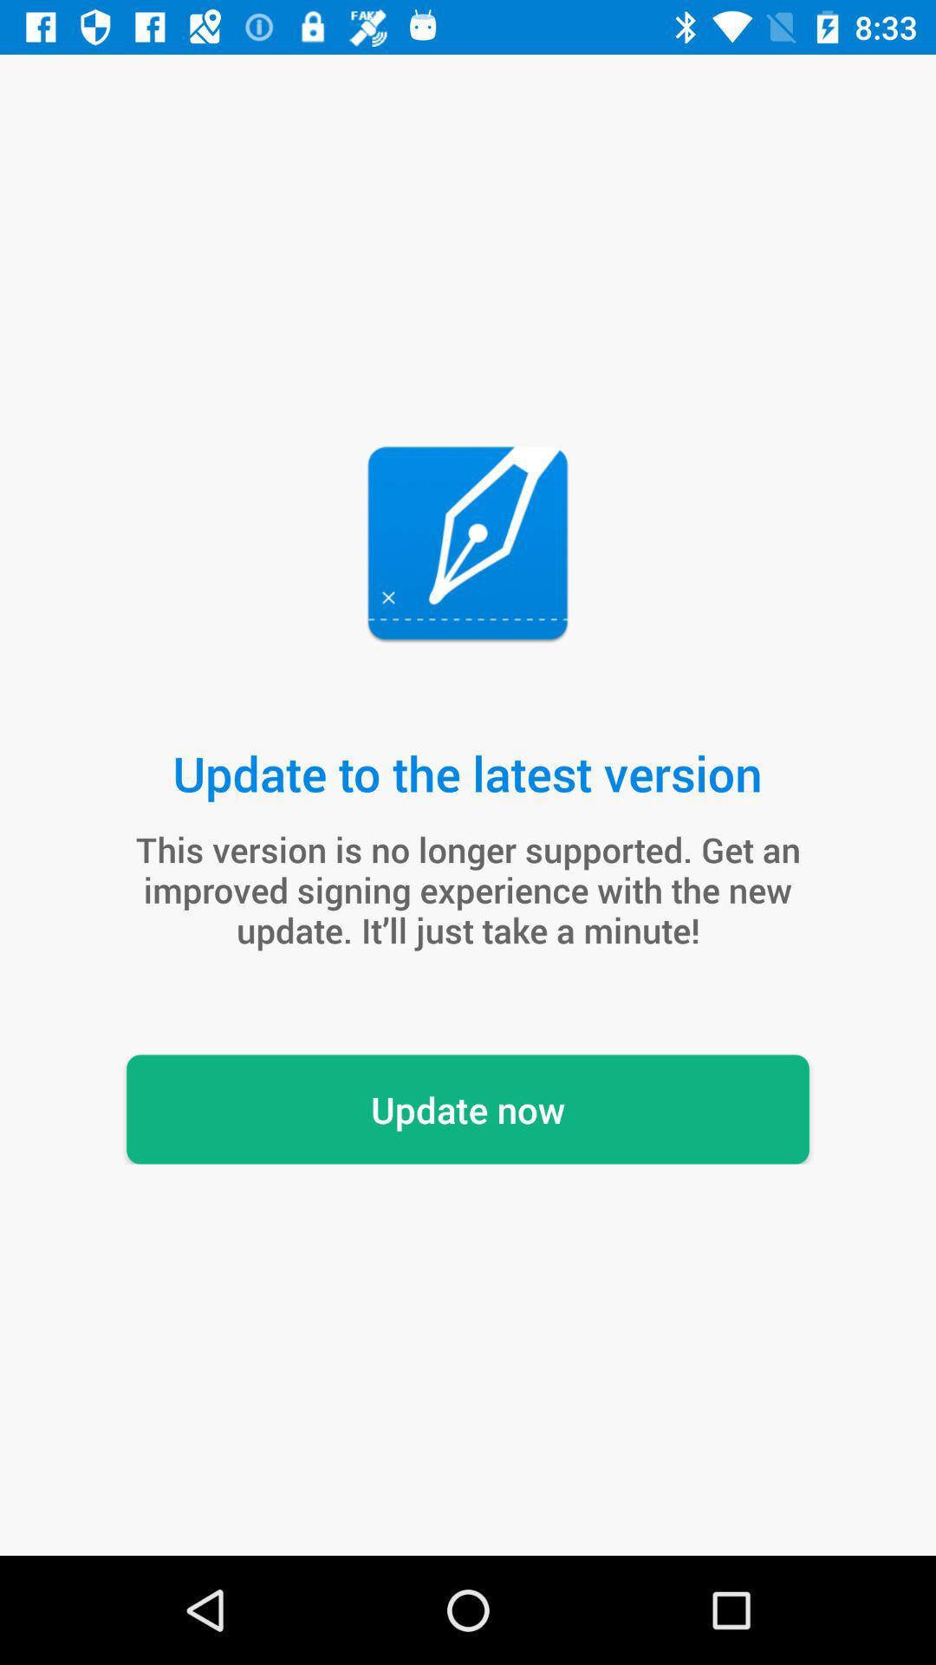 Image resolution: width=936 pixels, height=1665 pixels. I want to click on the update now, so click(468, 1108).